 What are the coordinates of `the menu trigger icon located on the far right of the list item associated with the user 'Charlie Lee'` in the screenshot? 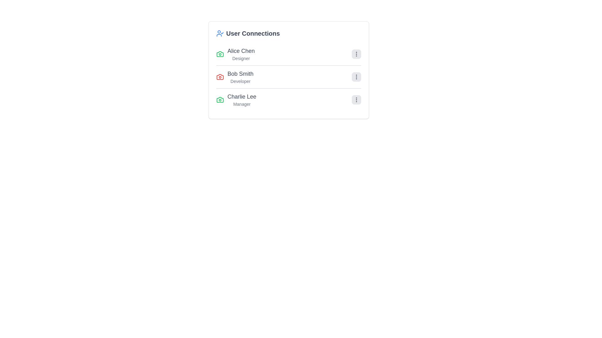 It's located at (356, 100).